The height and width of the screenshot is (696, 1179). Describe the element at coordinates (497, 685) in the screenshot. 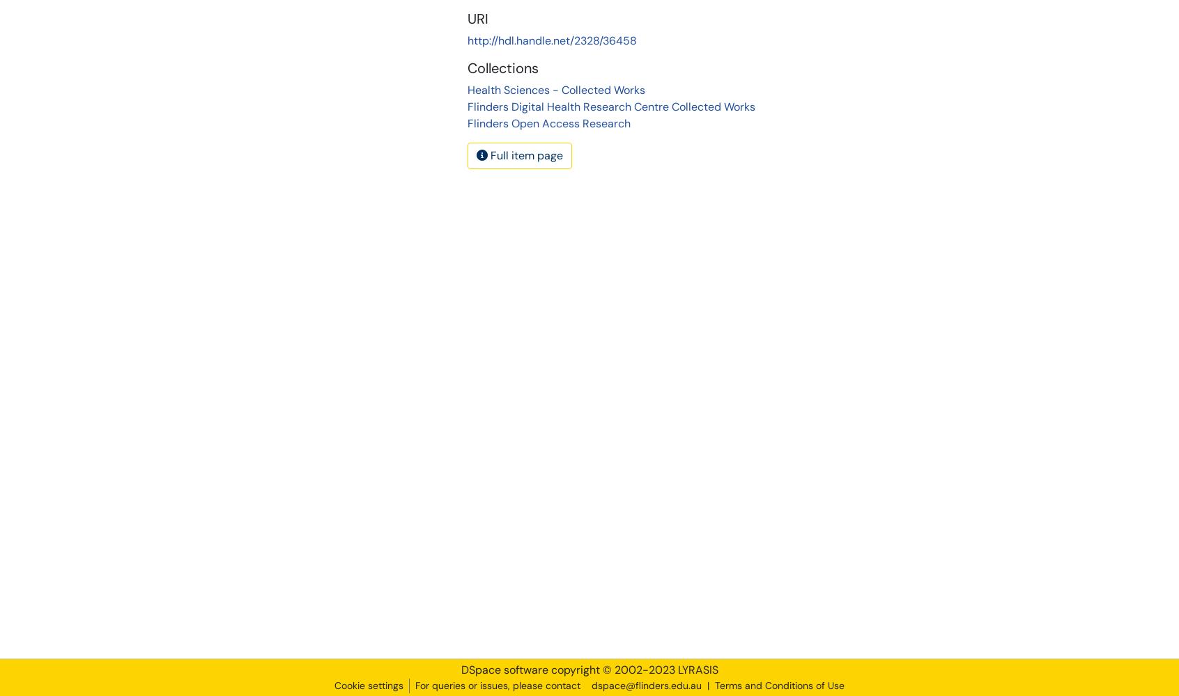

I see `'For queries or issues, please contact'` at that location.